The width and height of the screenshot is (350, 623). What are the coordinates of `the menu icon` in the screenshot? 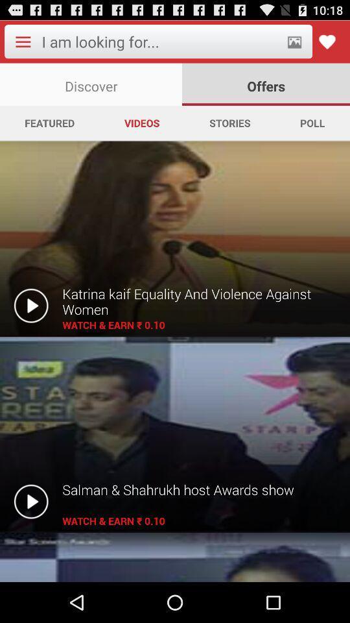 It's located at (23, 44).